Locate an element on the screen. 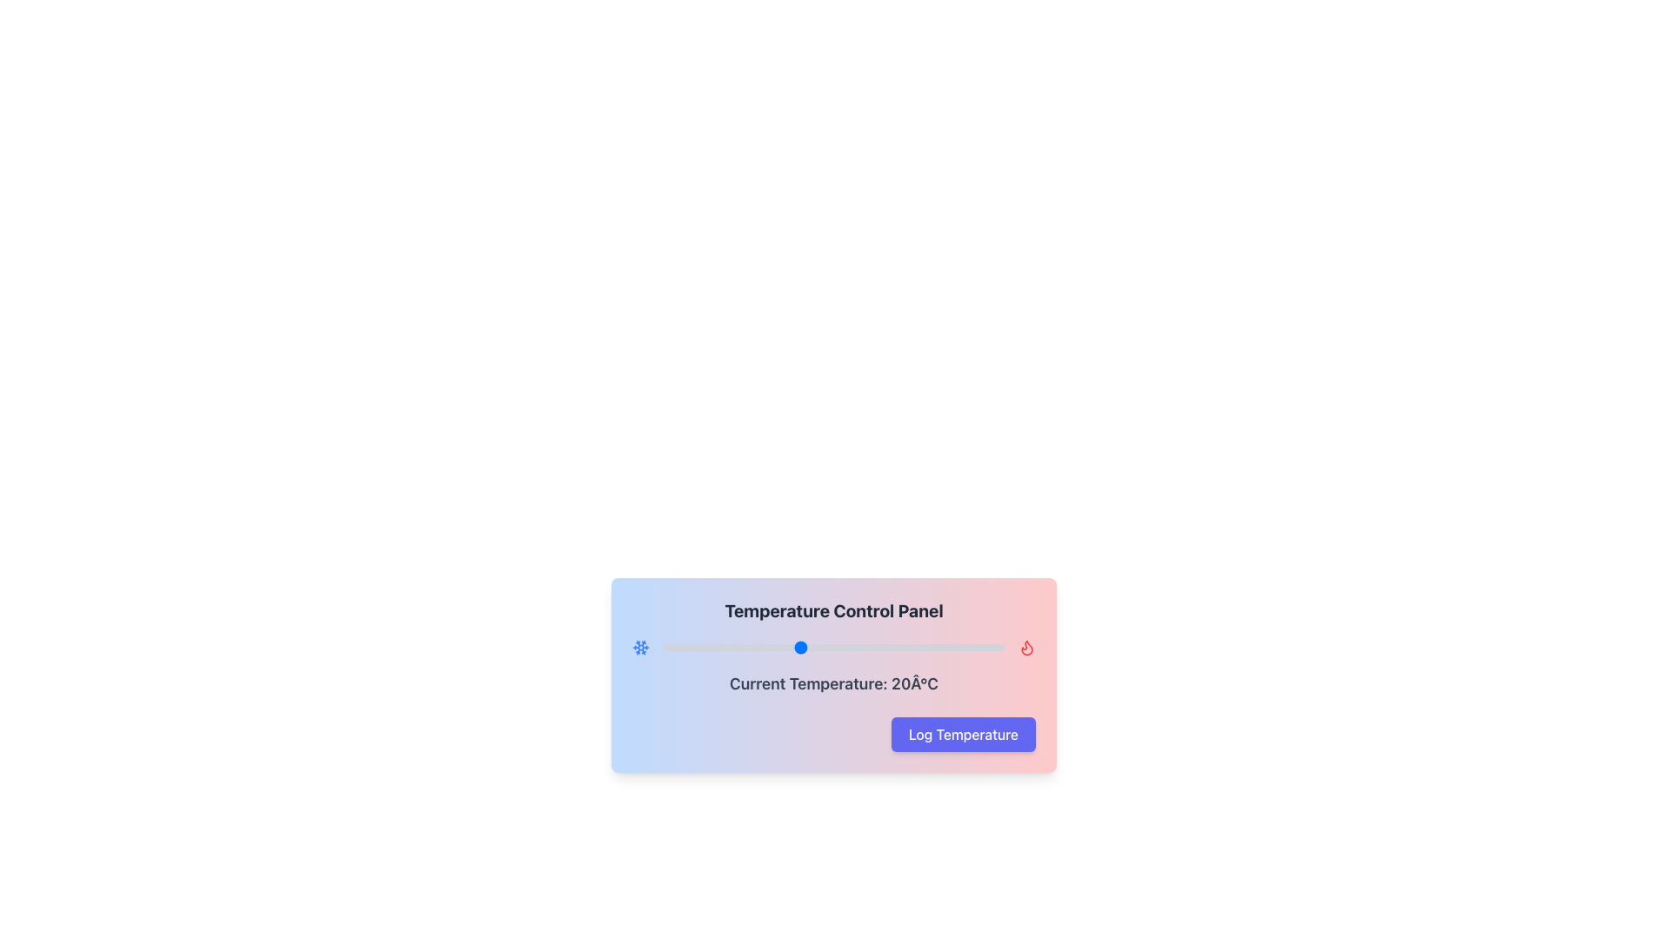 The width and height of the screenshot is (1670, 939). the flame-shaped red icon in the temperature control panel to observe the tooltip or effect is located at coordinates (1026, 647).